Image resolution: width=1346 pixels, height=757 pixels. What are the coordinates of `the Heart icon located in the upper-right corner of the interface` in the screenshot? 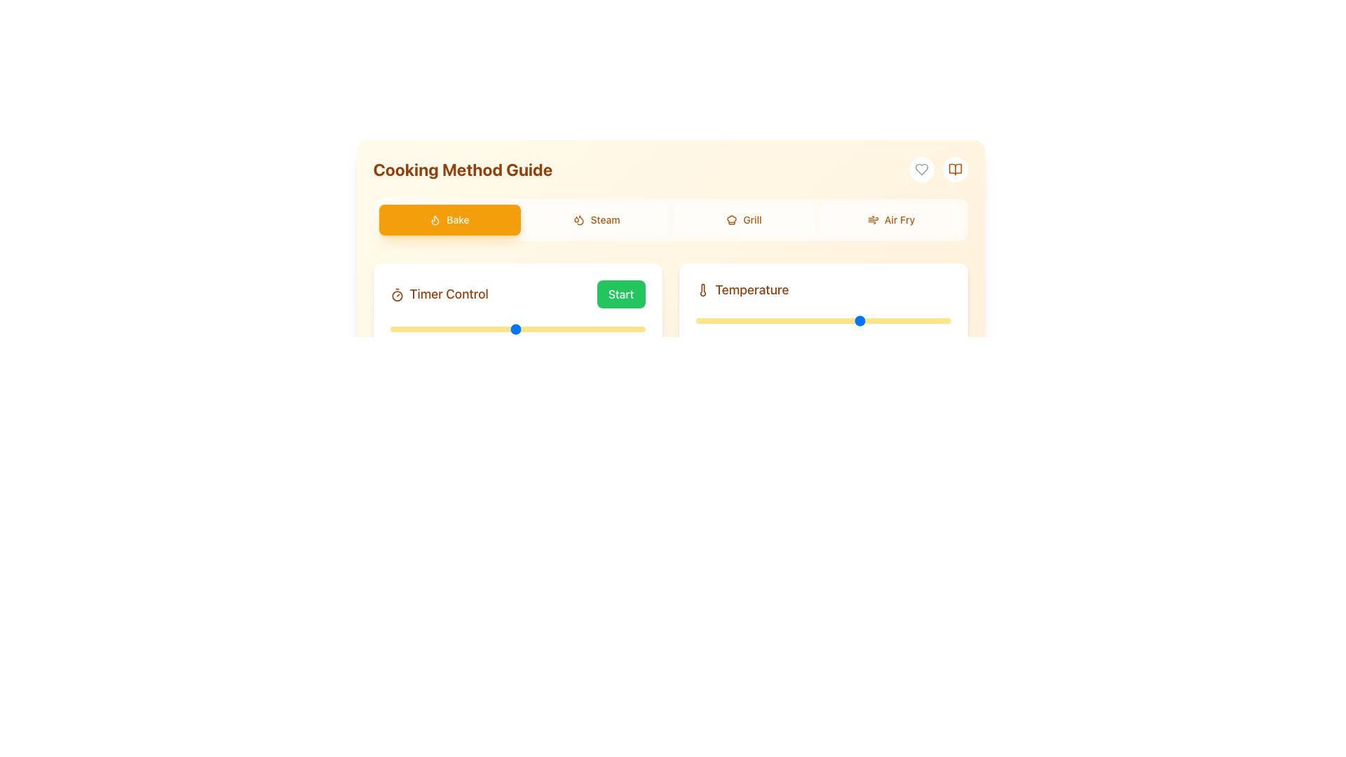 It's located at (921, 169).